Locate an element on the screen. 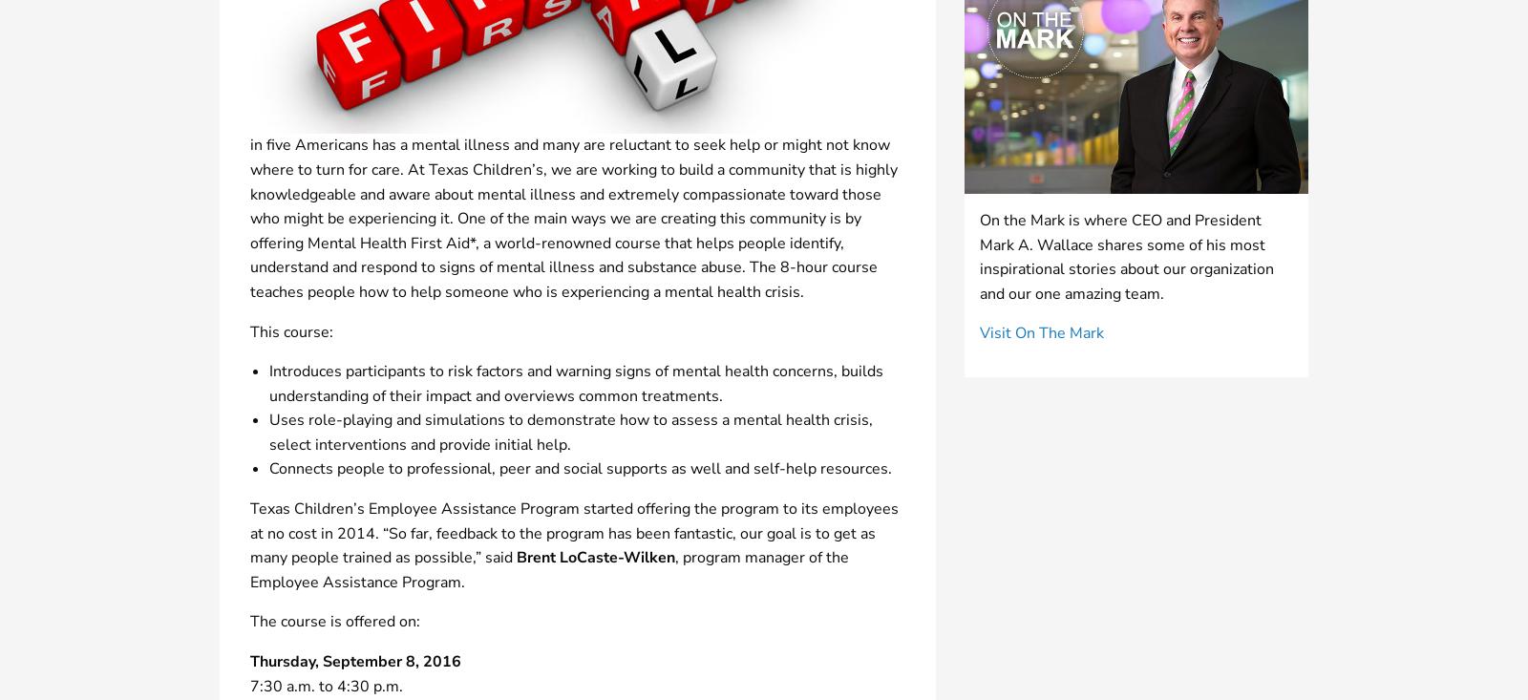  'Connects people to professional, peer and social supports as well and self-help resources.' is located at coordinates (581, 467).